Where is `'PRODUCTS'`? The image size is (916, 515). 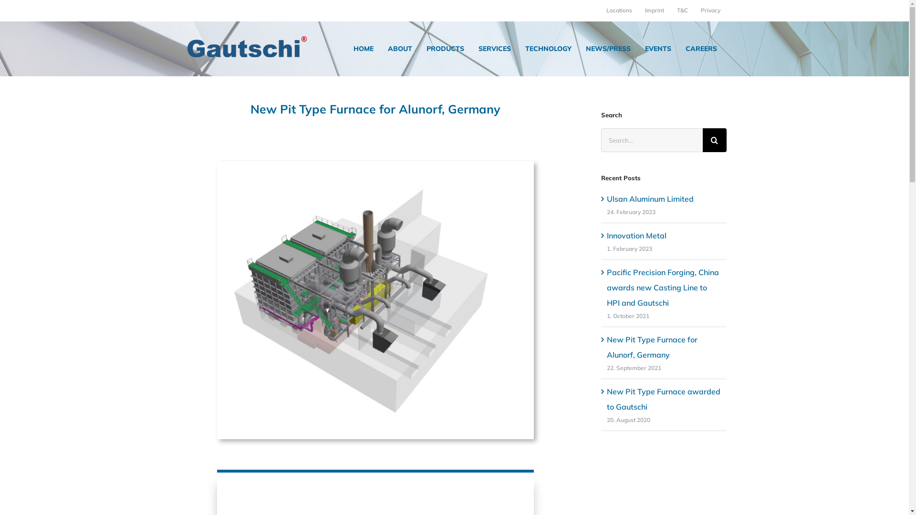
'PRODUCTS' is located at coordinates (445, 48).